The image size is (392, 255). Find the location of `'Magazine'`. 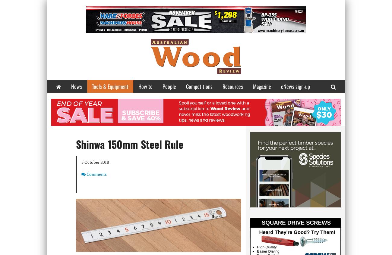

'Magazine' is located at coordinates (262, 86).